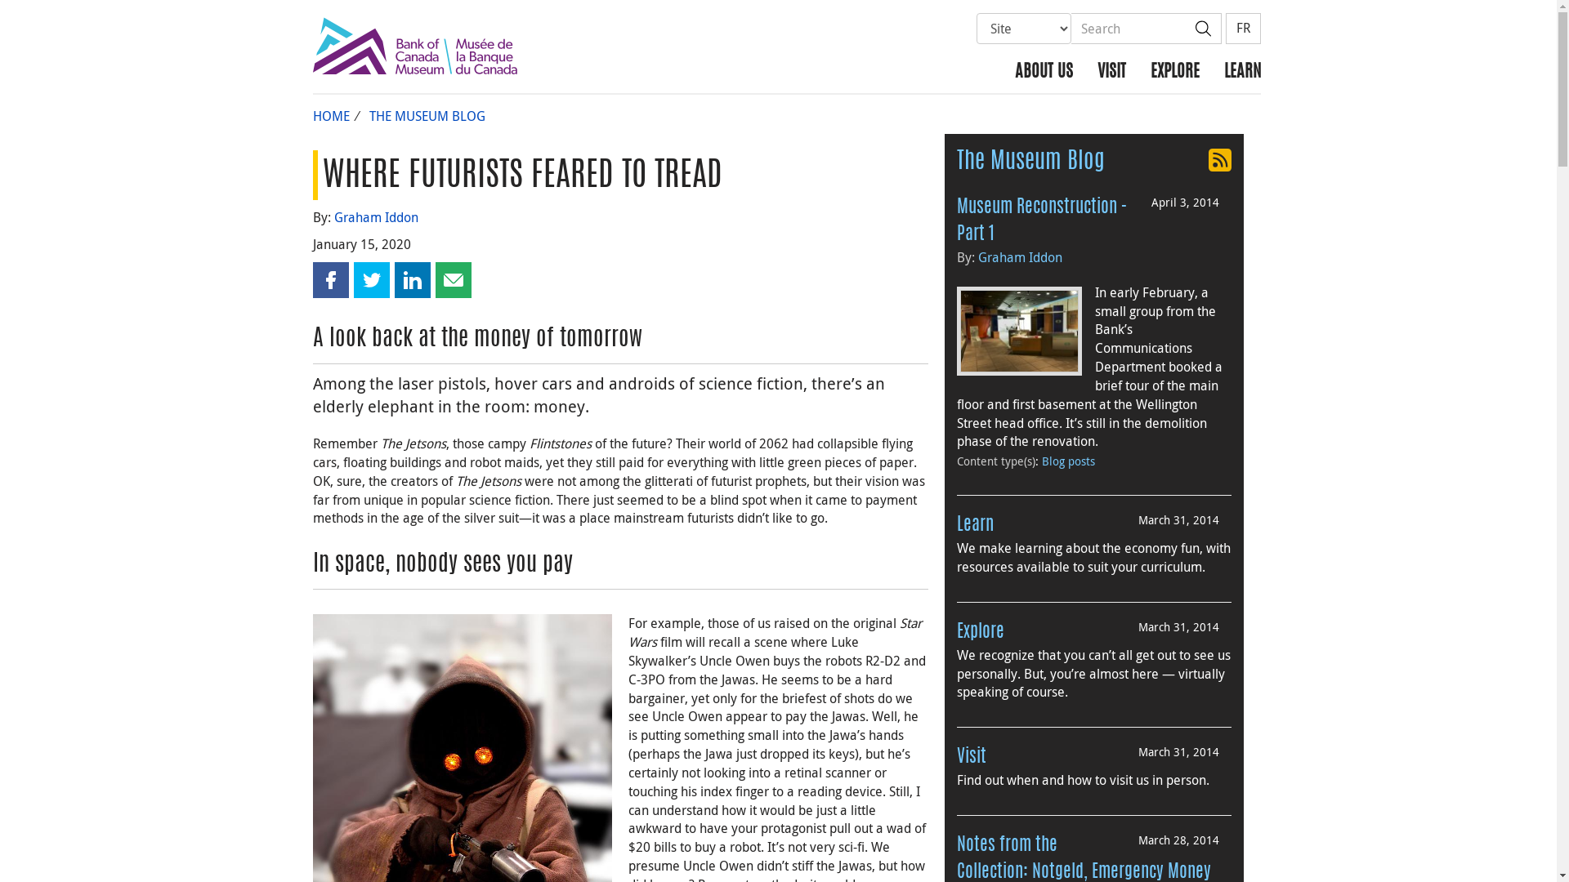 This screenshot has height=882, width=1569. What do you see at coordinates (452, 279) in the screenshot?
I see `'Share this page by email'` at bounding box center [452, 279].